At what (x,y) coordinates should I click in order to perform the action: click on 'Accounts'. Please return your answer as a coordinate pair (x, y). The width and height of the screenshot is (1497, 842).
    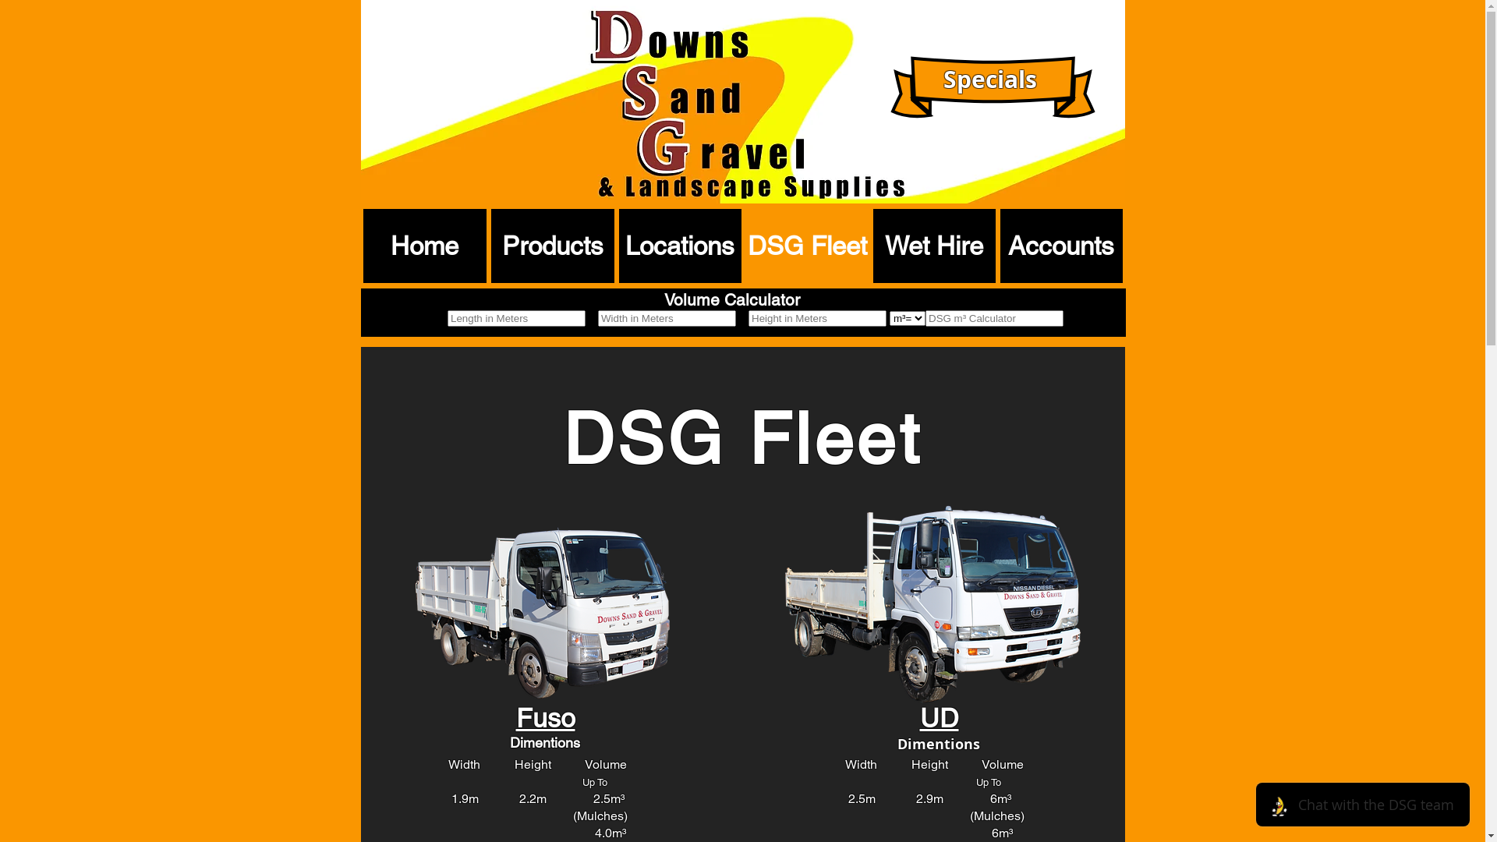
    Looking at the image, I should click on (1060, 246).